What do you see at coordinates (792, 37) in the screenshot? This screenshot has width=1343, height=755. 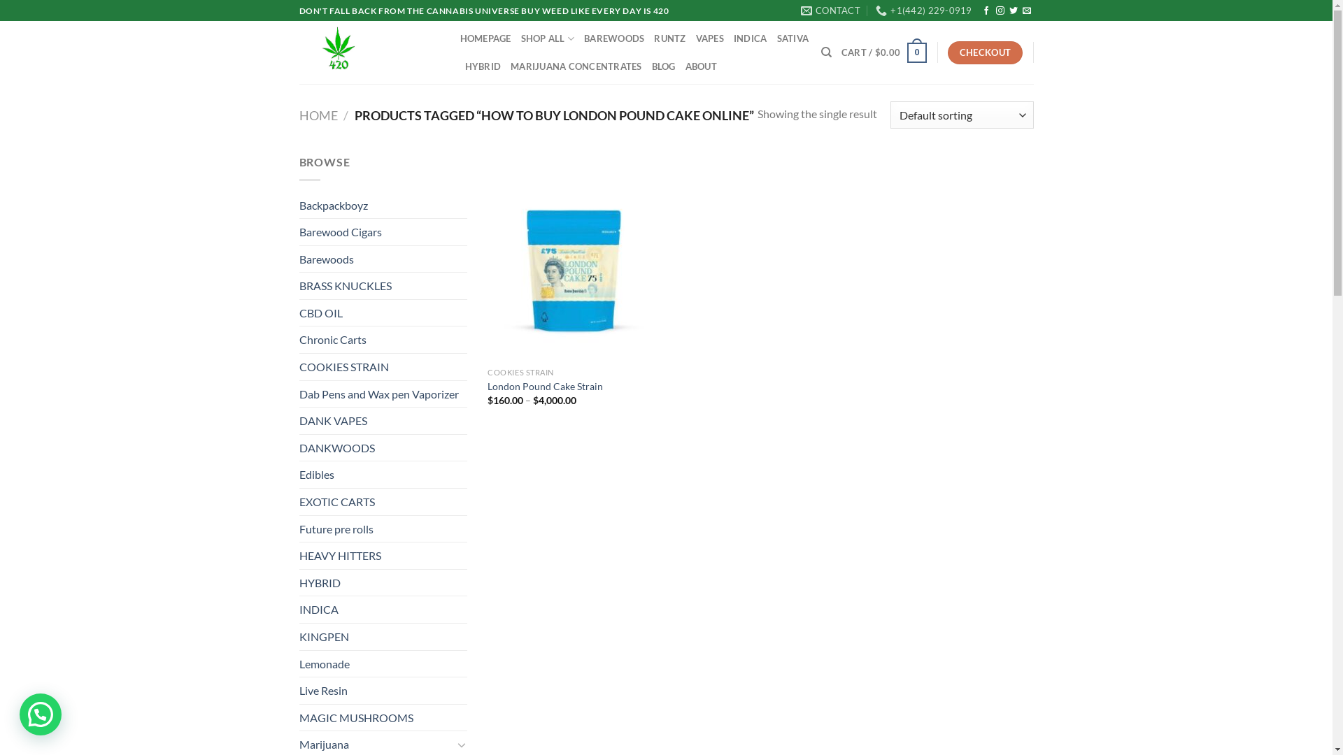 I see `'SATIVA'` at bounding box center [792, 37].